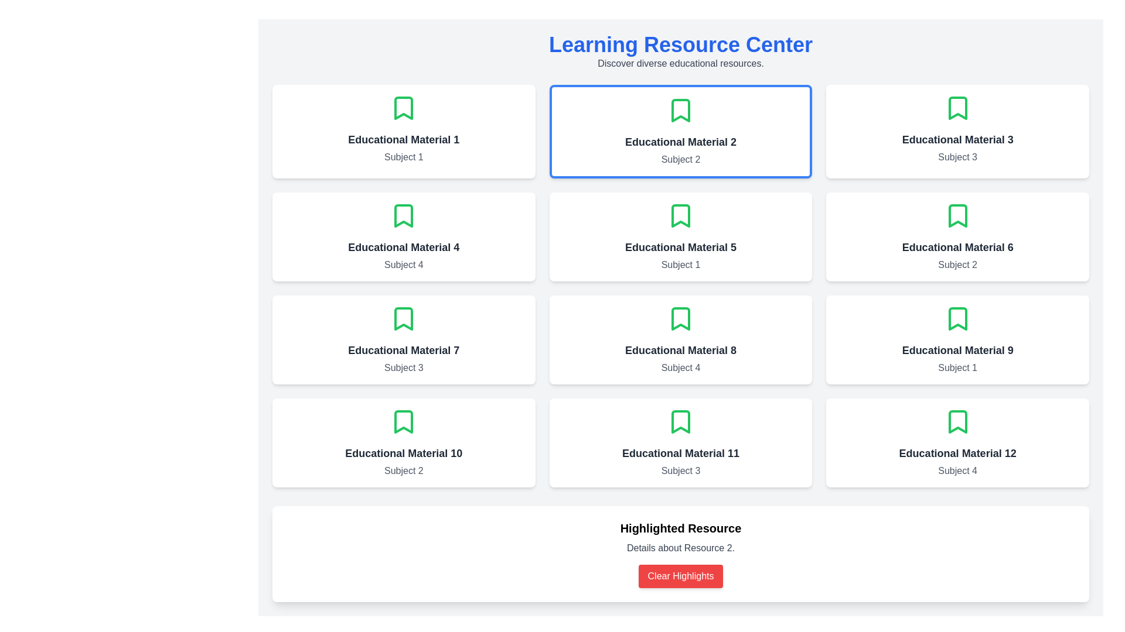  I want to click on the card labeled 'Educational Material 4' in the first column of the second row, which serves as a link, so click(404, 237).